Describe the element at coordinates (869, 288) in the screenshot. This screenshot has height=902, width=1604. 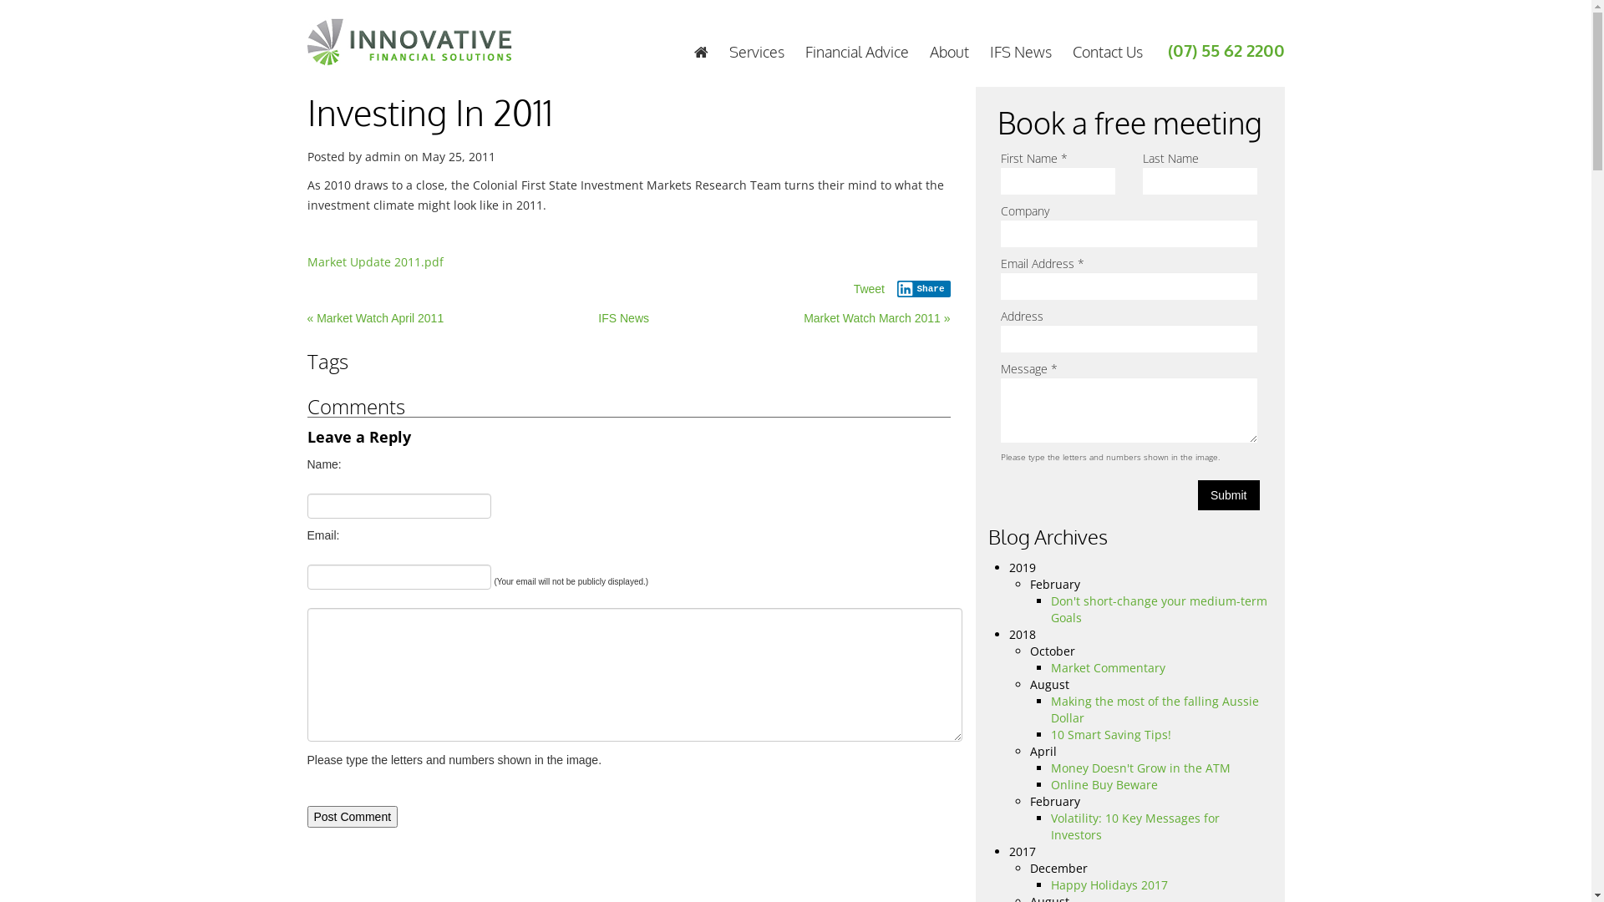
I see `'Tweet'` at that location.